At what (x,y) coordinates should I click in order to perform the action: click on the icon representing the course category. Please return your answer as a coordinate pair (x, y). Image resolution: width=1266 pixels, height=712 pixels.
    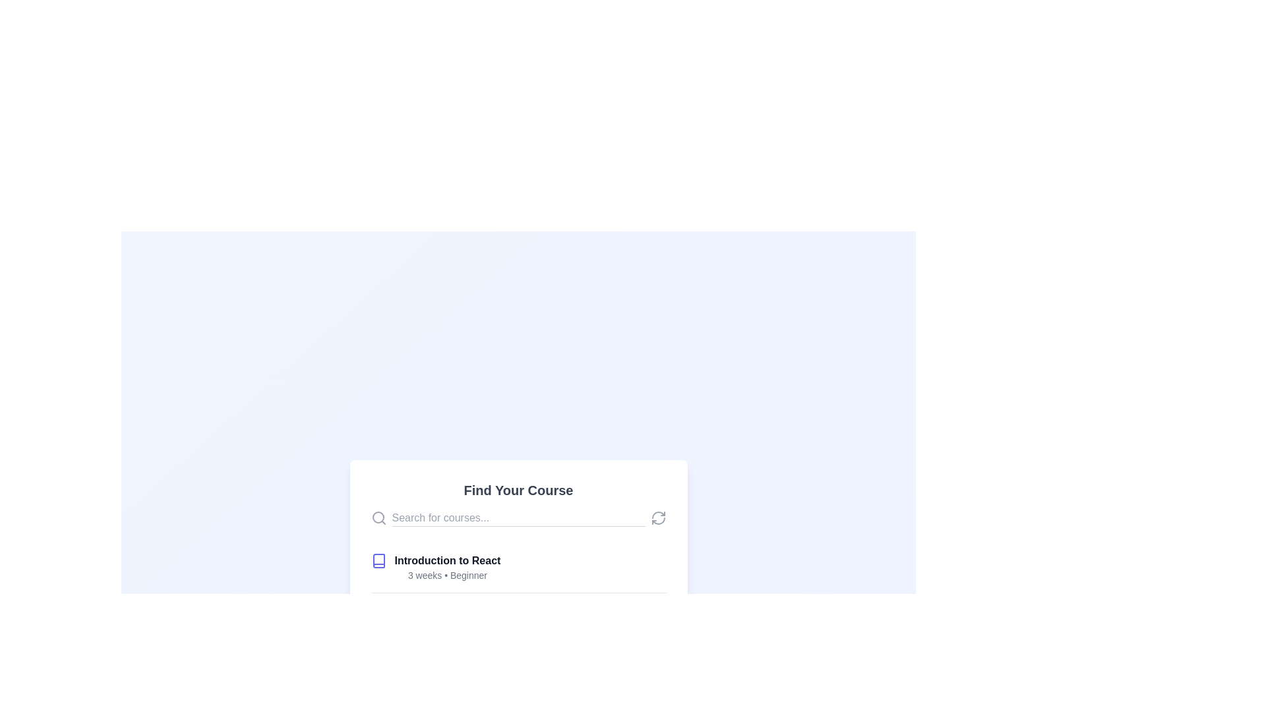
    Looking at the image, I should click on (378, 560).